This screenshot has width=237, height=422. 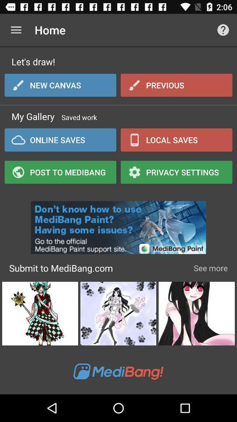 What do you see at coordinates (176, 171) in the screenshot?
I see `privacy settings` at bounding box center [176, 171].